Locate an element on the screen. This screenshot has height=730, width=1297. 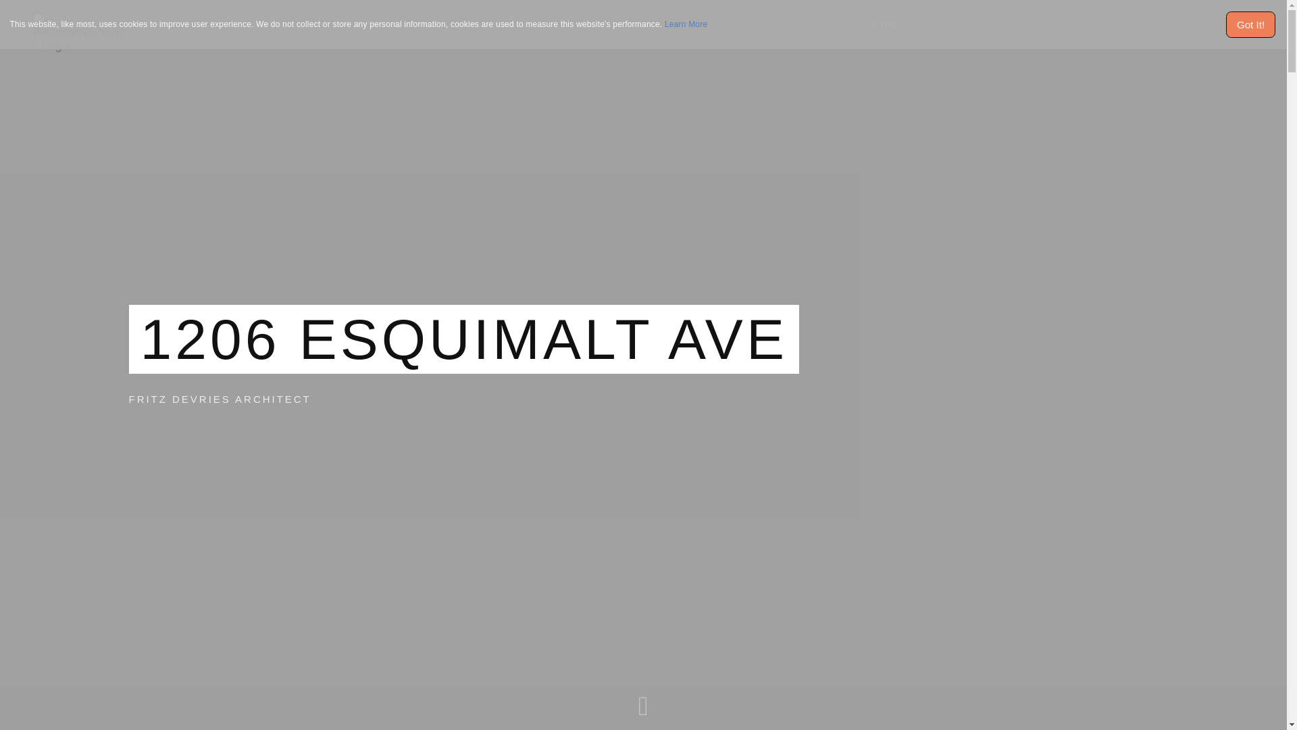
'IMAGES' is located at coordinates (937, 25).